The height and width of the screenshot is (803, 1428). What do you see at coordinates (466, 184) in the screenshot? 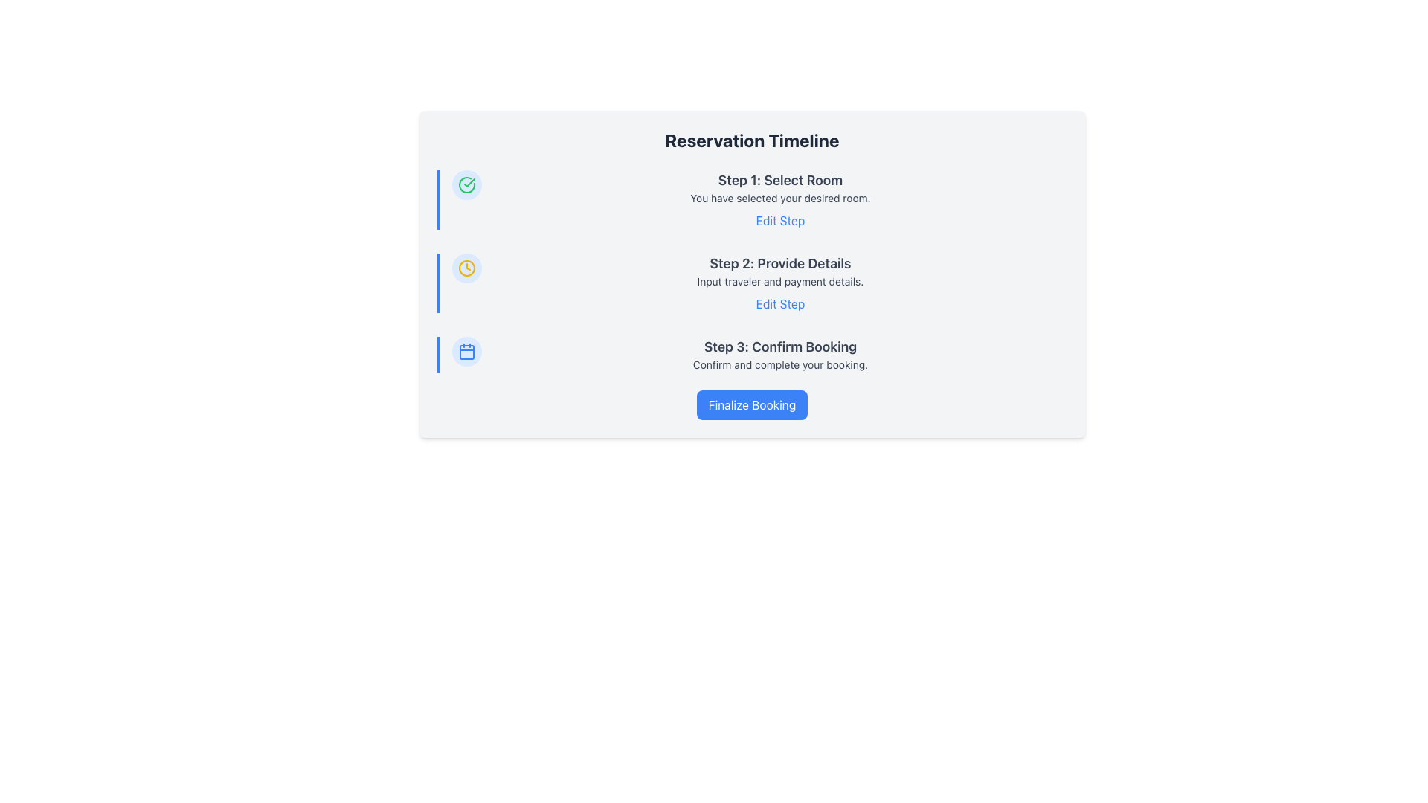
I see `the first circular icon in the reservation timeline interface, which indicates the completion of the first step` at bounding box center [466, 184].